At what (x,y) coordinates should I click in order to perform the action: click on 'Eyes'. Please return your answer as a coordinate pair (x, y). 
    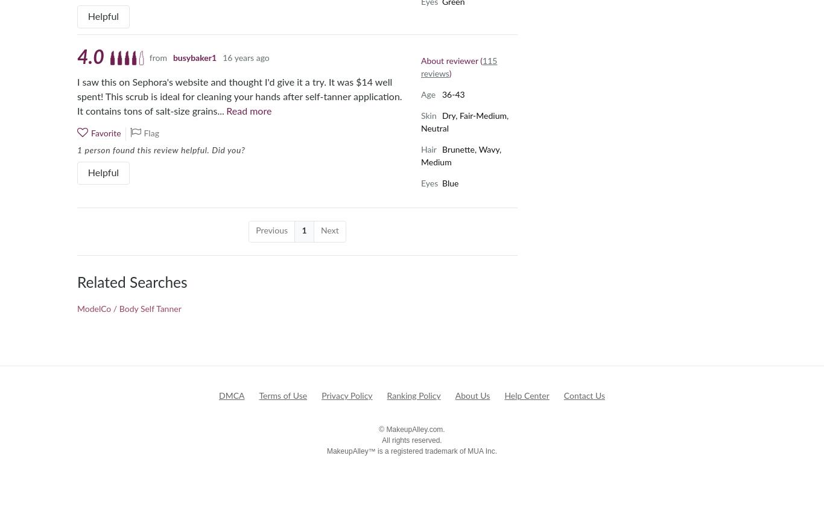
    Looking at the image, I should click on (421, 183).